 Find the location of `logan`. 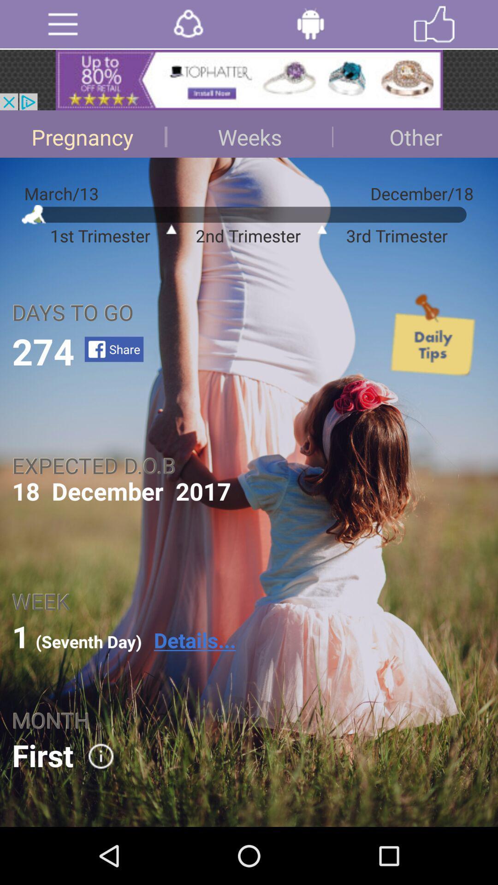

logan is located at coordinates (310, 24).